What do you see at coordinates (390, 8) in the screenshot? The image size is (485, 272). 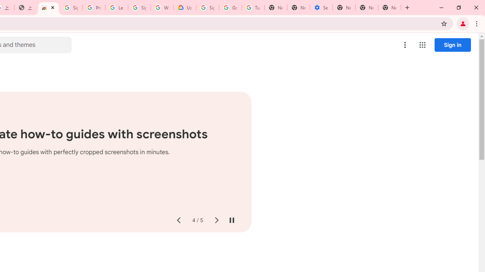 I see `'New Tab'` at bounding box center [390, 8].